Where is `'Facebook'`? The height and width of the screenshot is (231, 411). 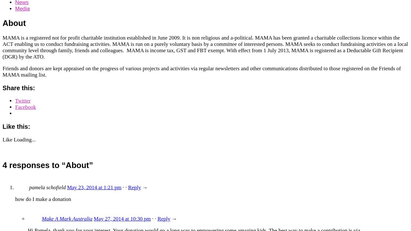 'Facebook' is located at coordinates (25, 107).